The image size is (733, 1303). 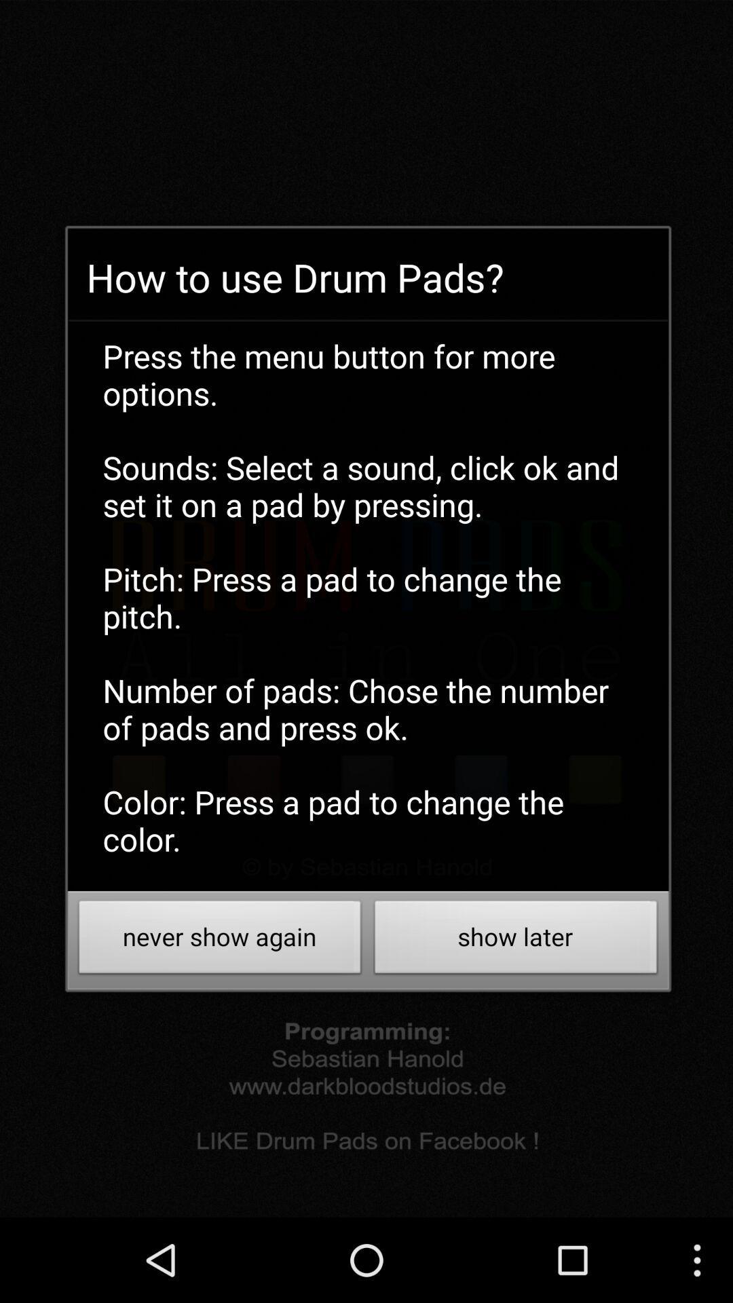 I want to click on the button next to never show again, so click(x=516, y=940).